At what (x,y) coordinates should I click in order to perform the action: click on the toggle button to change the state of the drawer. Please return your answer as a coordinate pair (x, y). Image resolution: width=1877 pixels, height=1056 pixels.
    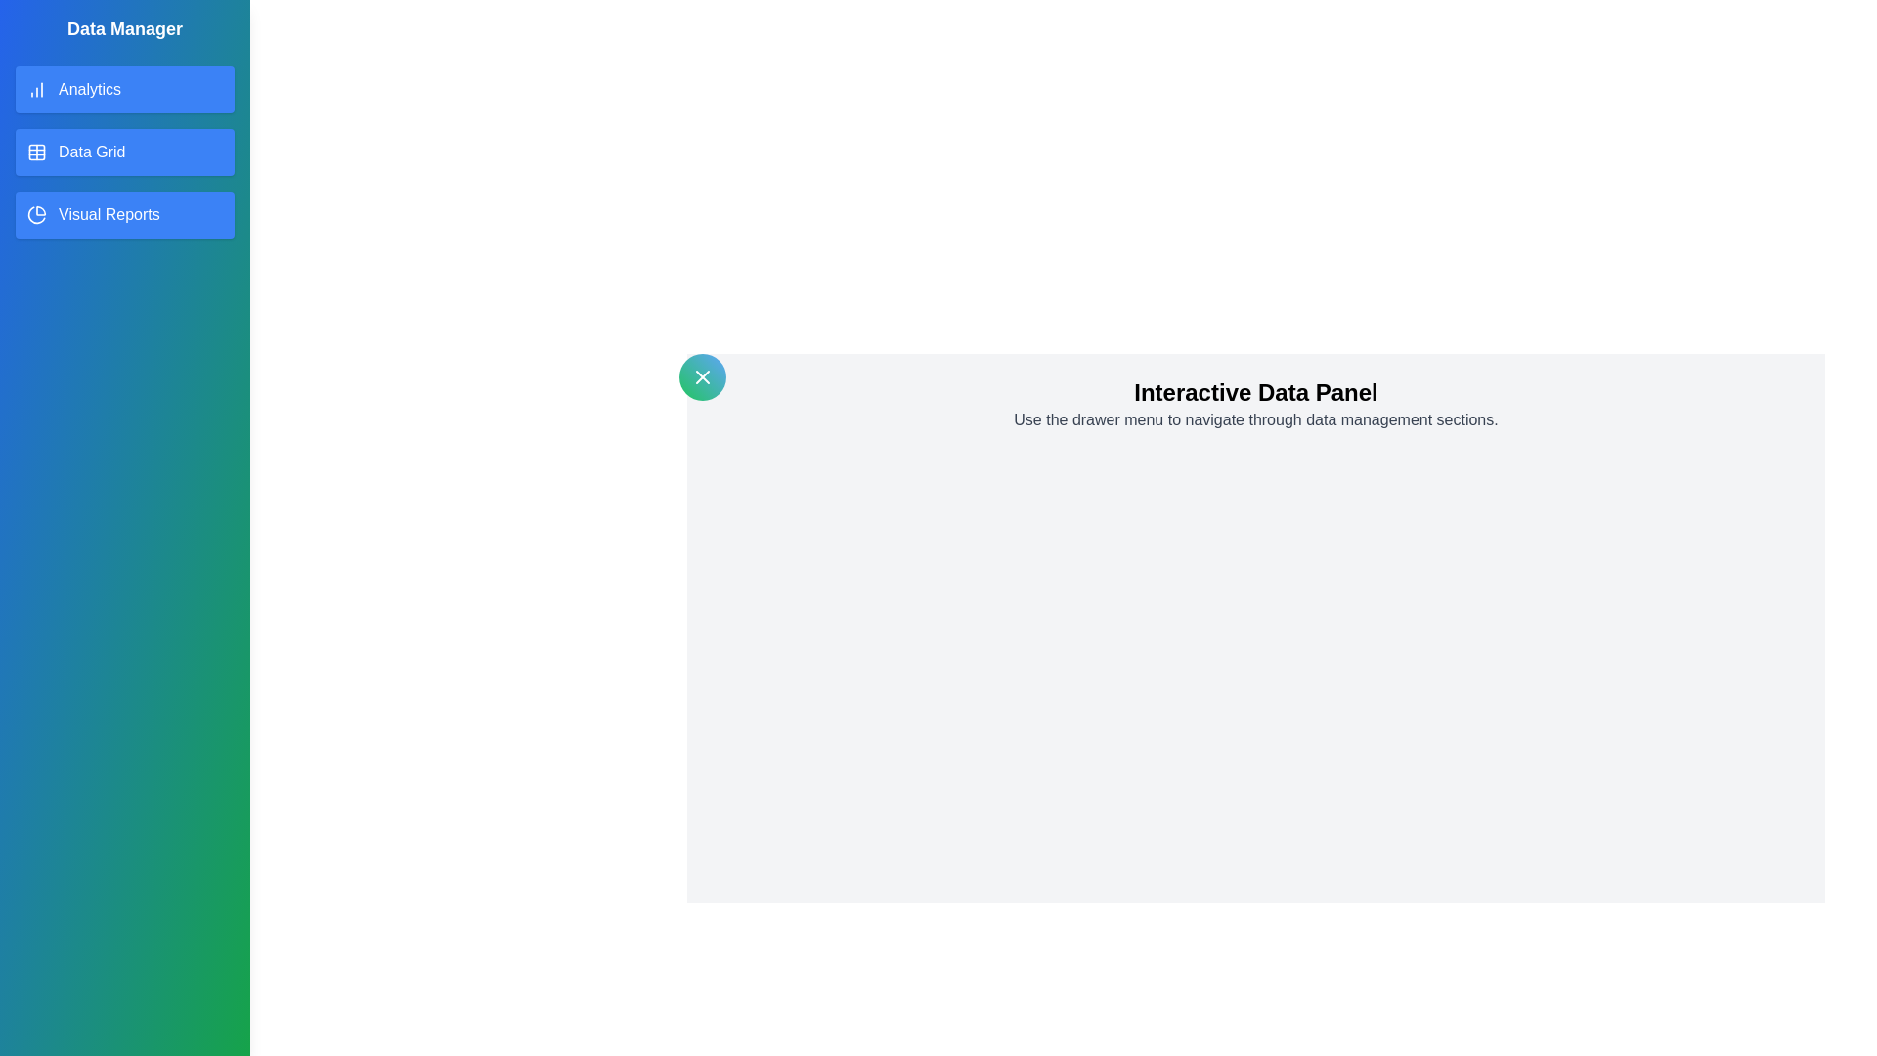
    Looking at the image, I should click on (703, 376).